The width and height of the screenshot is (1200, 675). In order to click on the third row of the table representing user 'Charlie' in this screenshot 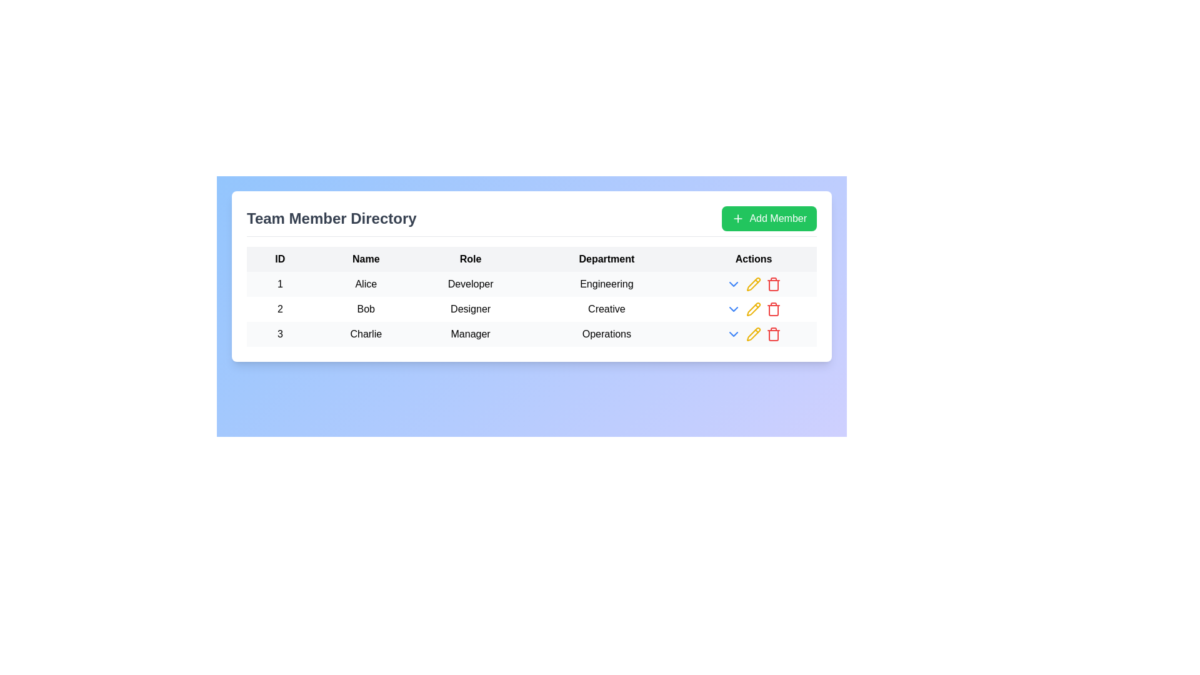, I will do `click(531, 334)`.